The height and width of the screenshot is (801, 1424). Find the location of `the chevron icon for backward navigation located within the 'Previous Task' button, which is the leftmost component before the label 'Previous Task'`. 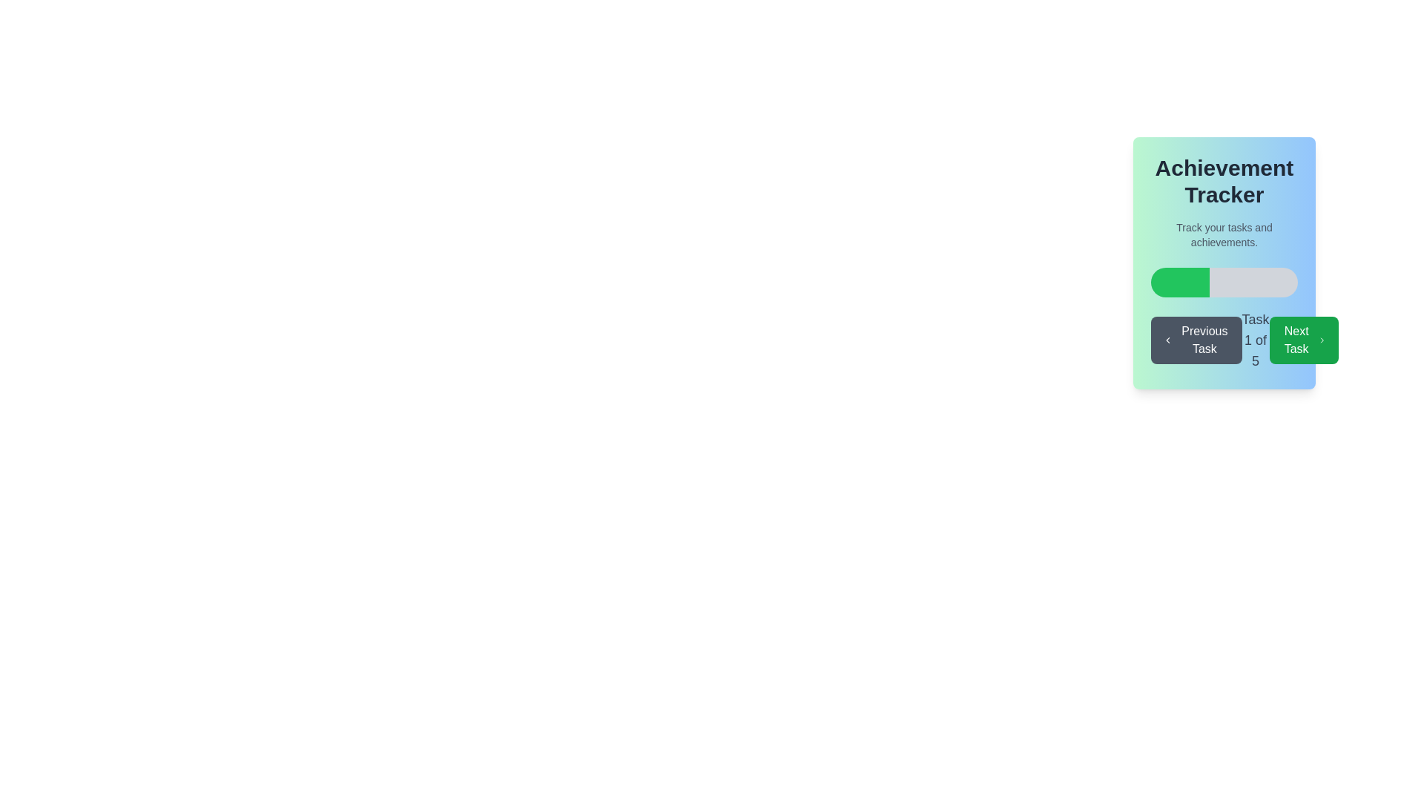

the chevron icon for backward navigation located within the 'Previous Task' button, which is the leftmost component before the label 'Previous Task' is located at coordinates (1167, 340).